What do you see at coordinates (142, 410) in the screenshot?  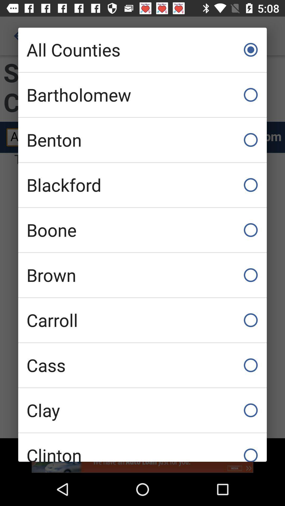 I see `the item below cass` at bounding box center [142, 410].